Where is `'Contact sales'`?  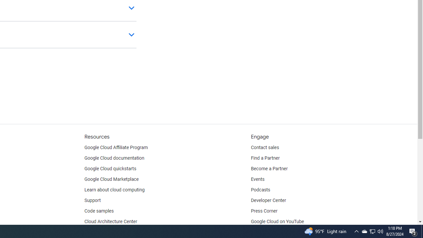 'Contact sales' is located at coordinates (265, 147).